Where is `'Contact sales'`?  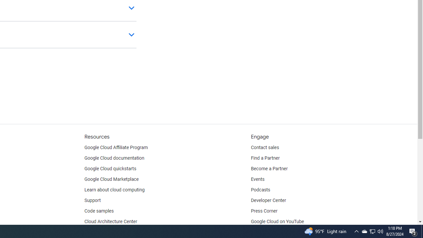 'Contact sales' is located at coordinates (265, 147).